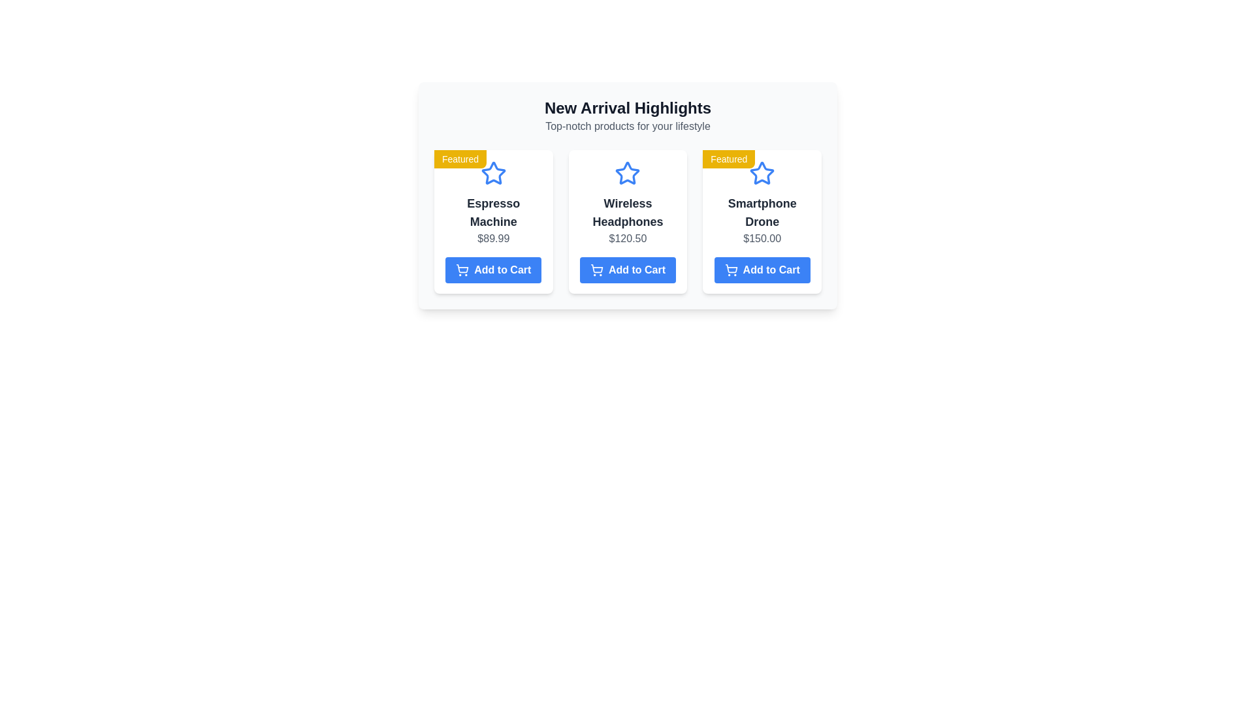 This screenshot has width=1254, height=705. I want to click on the static text element that provides a descriptive subtitle for the 'New Arrival Highlights' section, located directly below the heading, so click(628, 126).